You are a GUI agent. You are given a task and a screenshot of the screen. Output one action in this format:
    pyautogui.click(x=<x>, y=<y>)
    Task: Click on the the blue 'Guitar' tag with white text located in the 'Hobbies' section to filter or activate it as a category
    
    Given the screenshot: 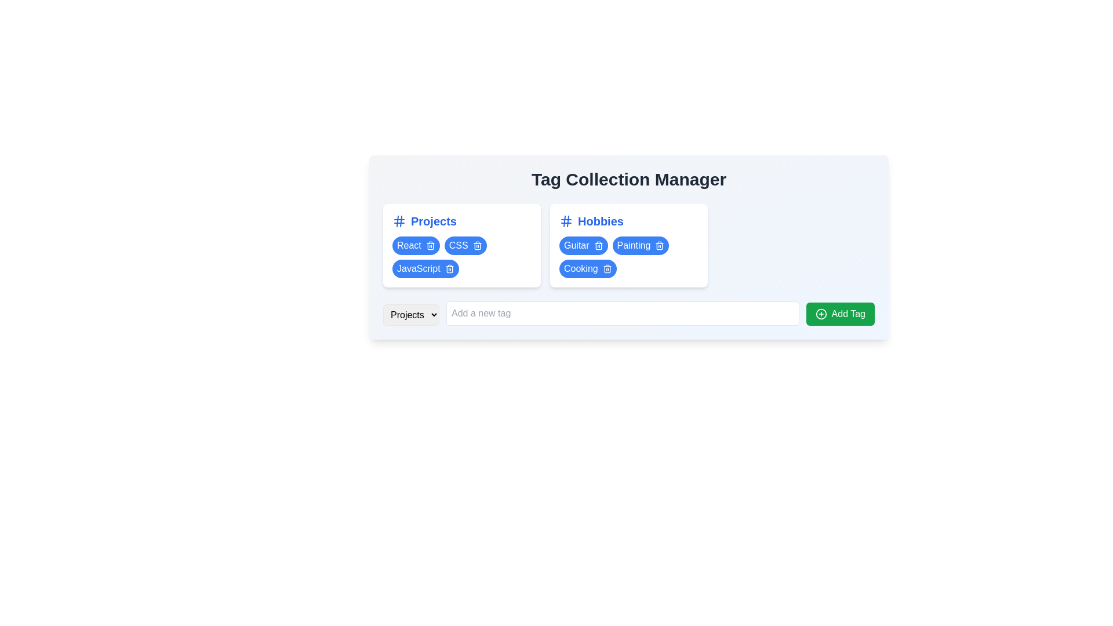 What is the action you would take?
    pyautogui.click(x=583, y=245)
    